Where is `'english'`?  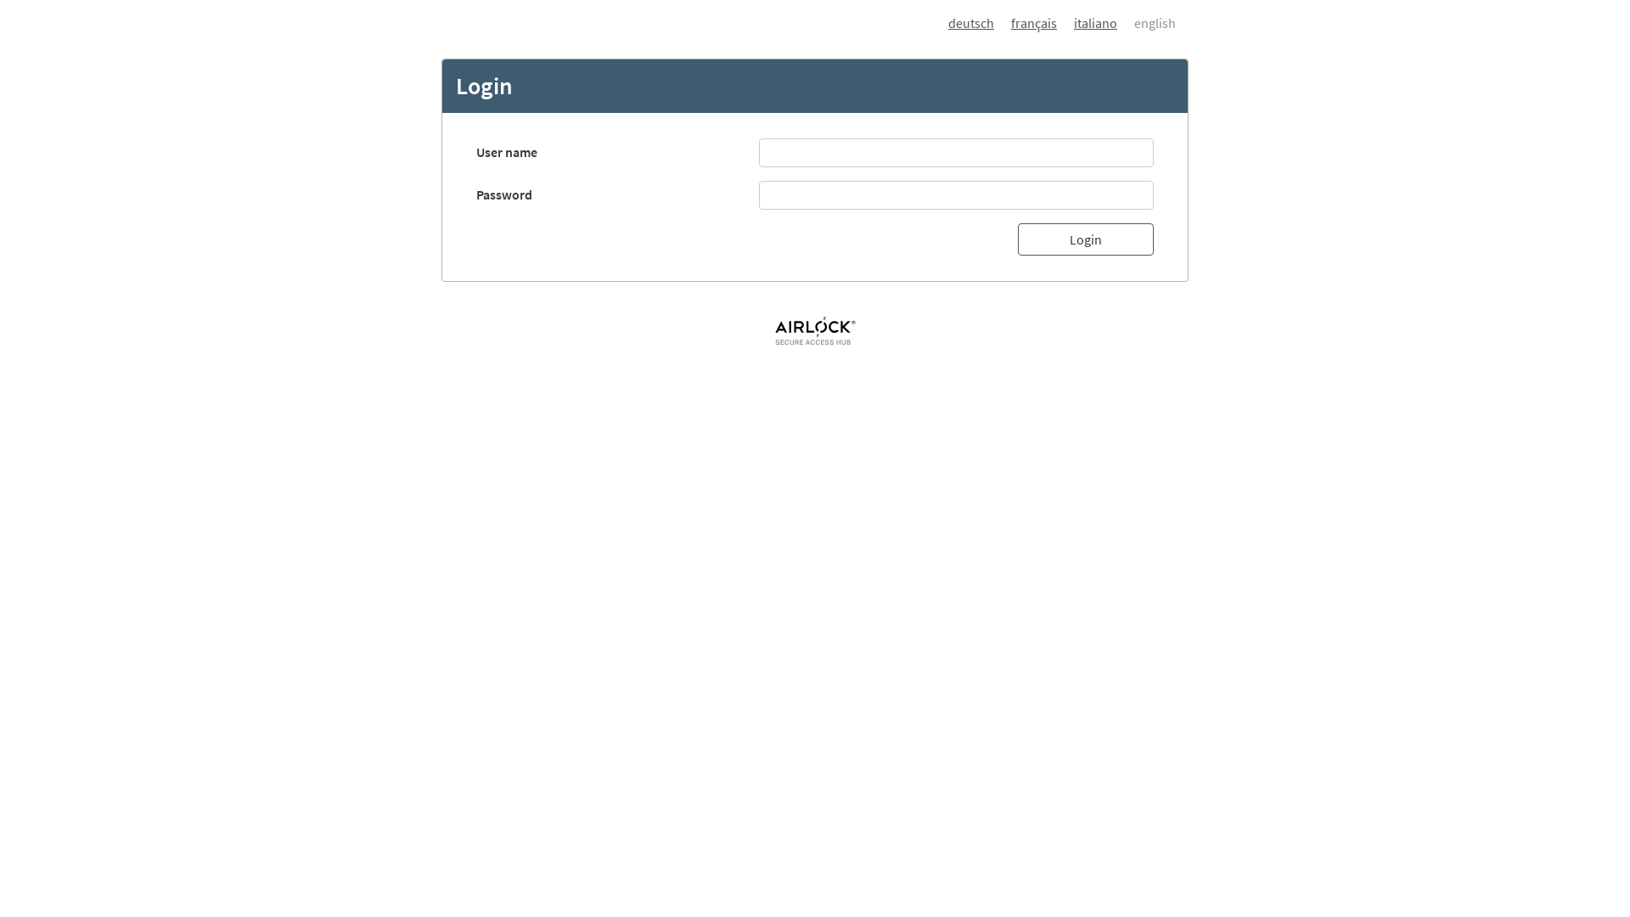
'english' is located at coordinates (1146, 23).